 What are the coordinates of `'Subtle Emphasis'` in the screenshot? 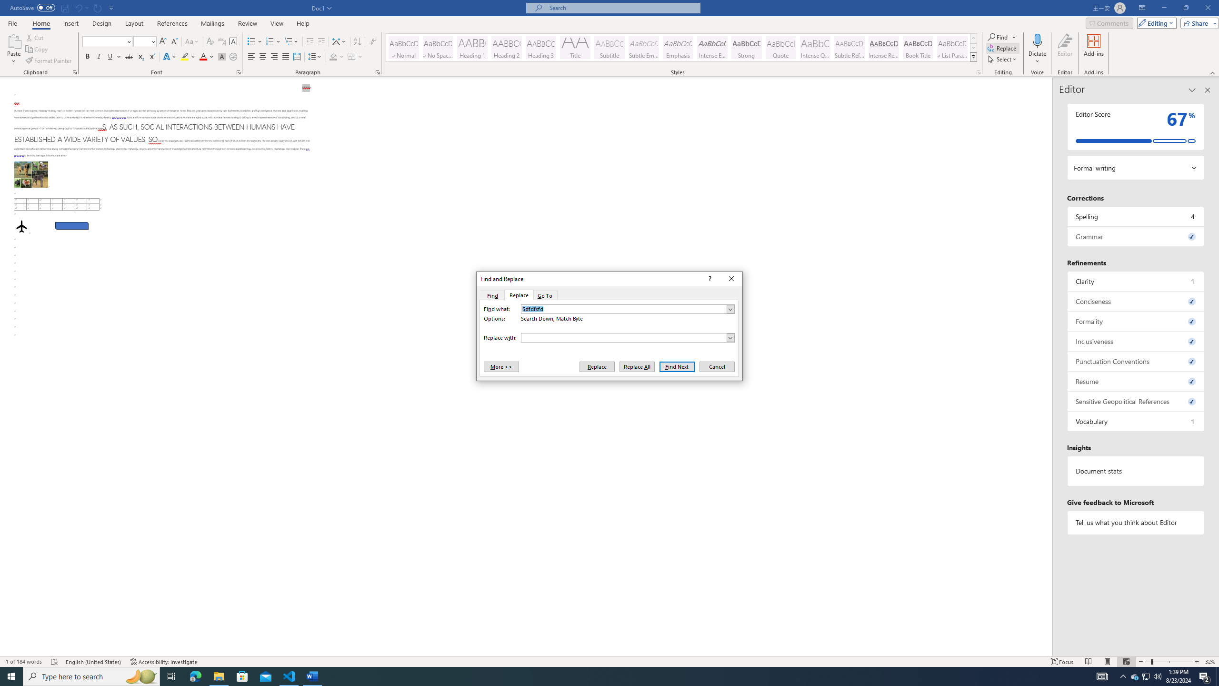 It's located at (643, 47).